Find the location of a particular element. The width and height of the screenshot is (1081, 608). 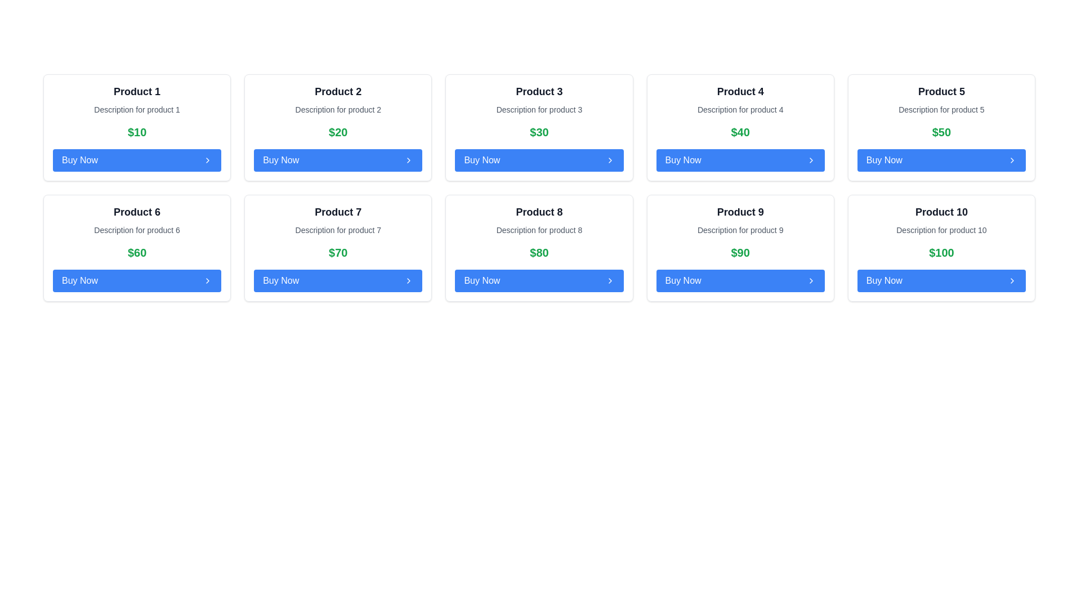

the blue rectangular 'Buy Now' button located in the card for 'Product 7', which is positioned in the fourth column of the second row, below the product price and description is located at coordinates (337, 280).